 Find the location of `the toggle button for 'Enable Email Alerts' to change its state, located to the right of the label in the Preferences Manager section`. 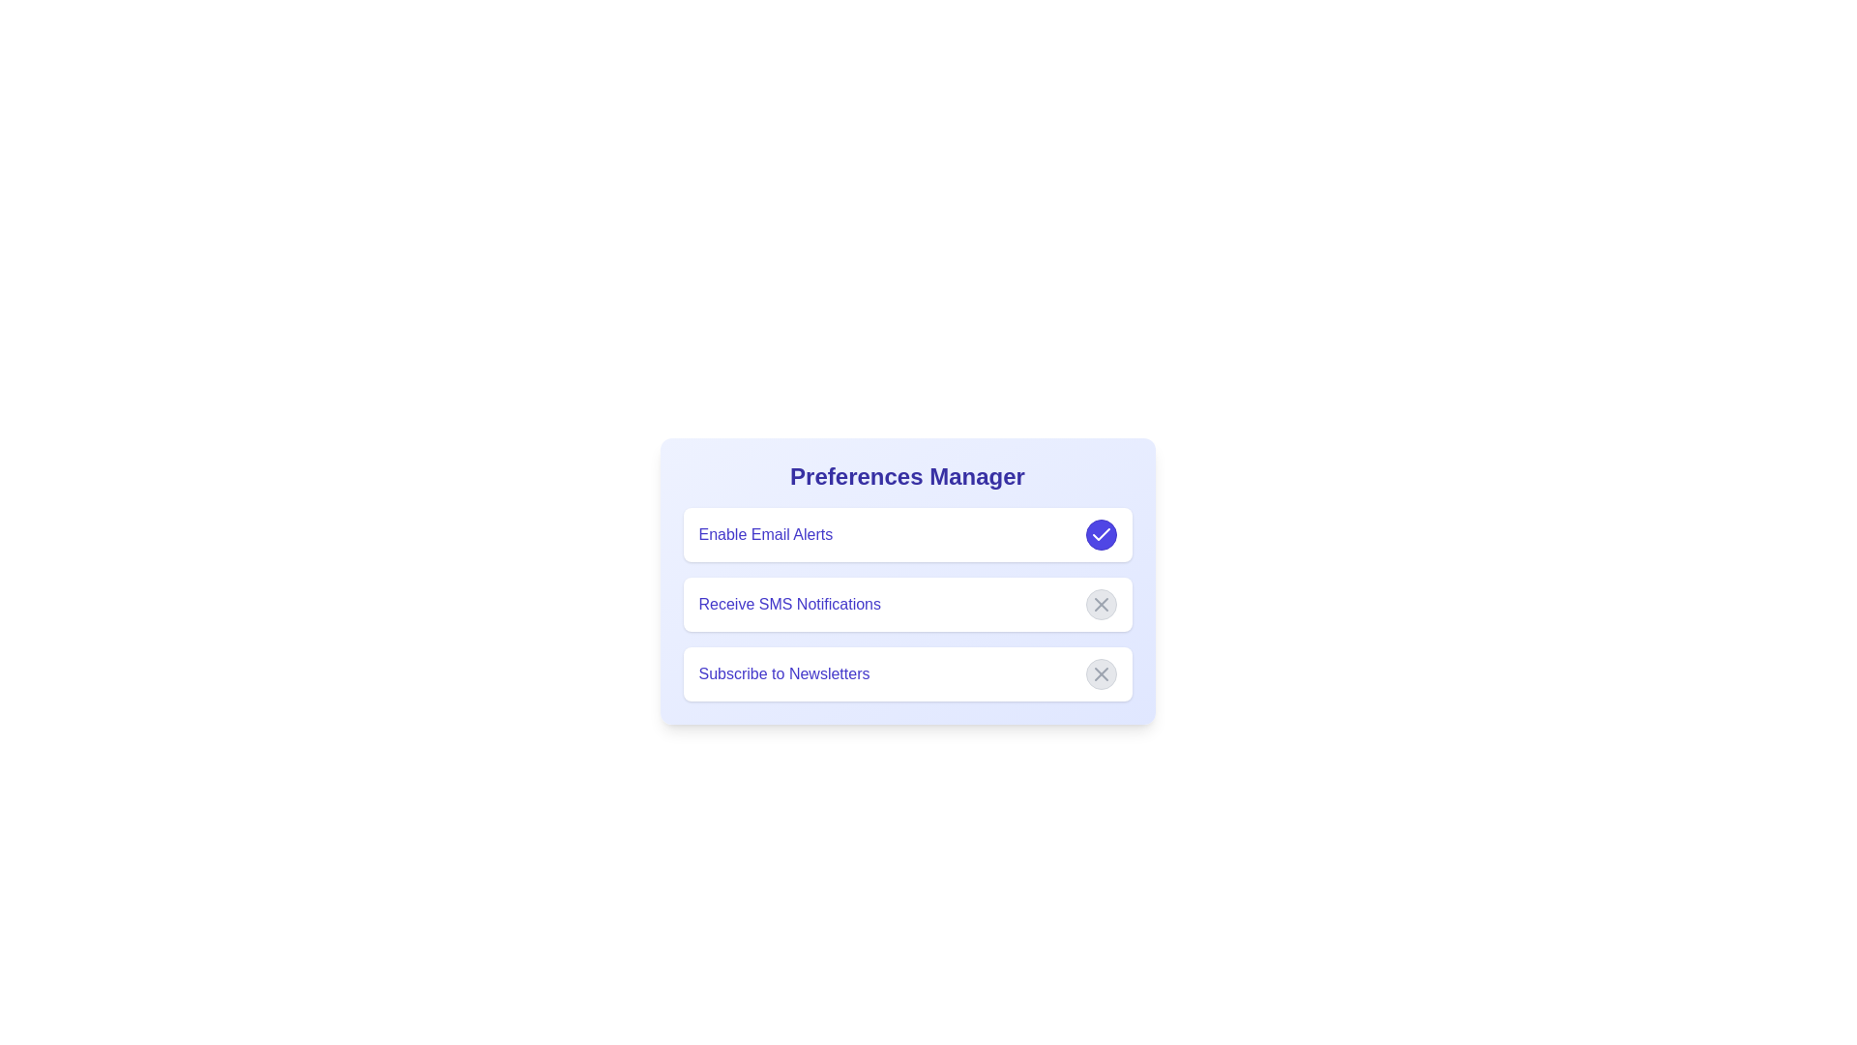

the toggle button for 'Enable Email Alerts' to change its state, located to the right of the label in the Preferences Manager section is located at coordinates (1101, 534).